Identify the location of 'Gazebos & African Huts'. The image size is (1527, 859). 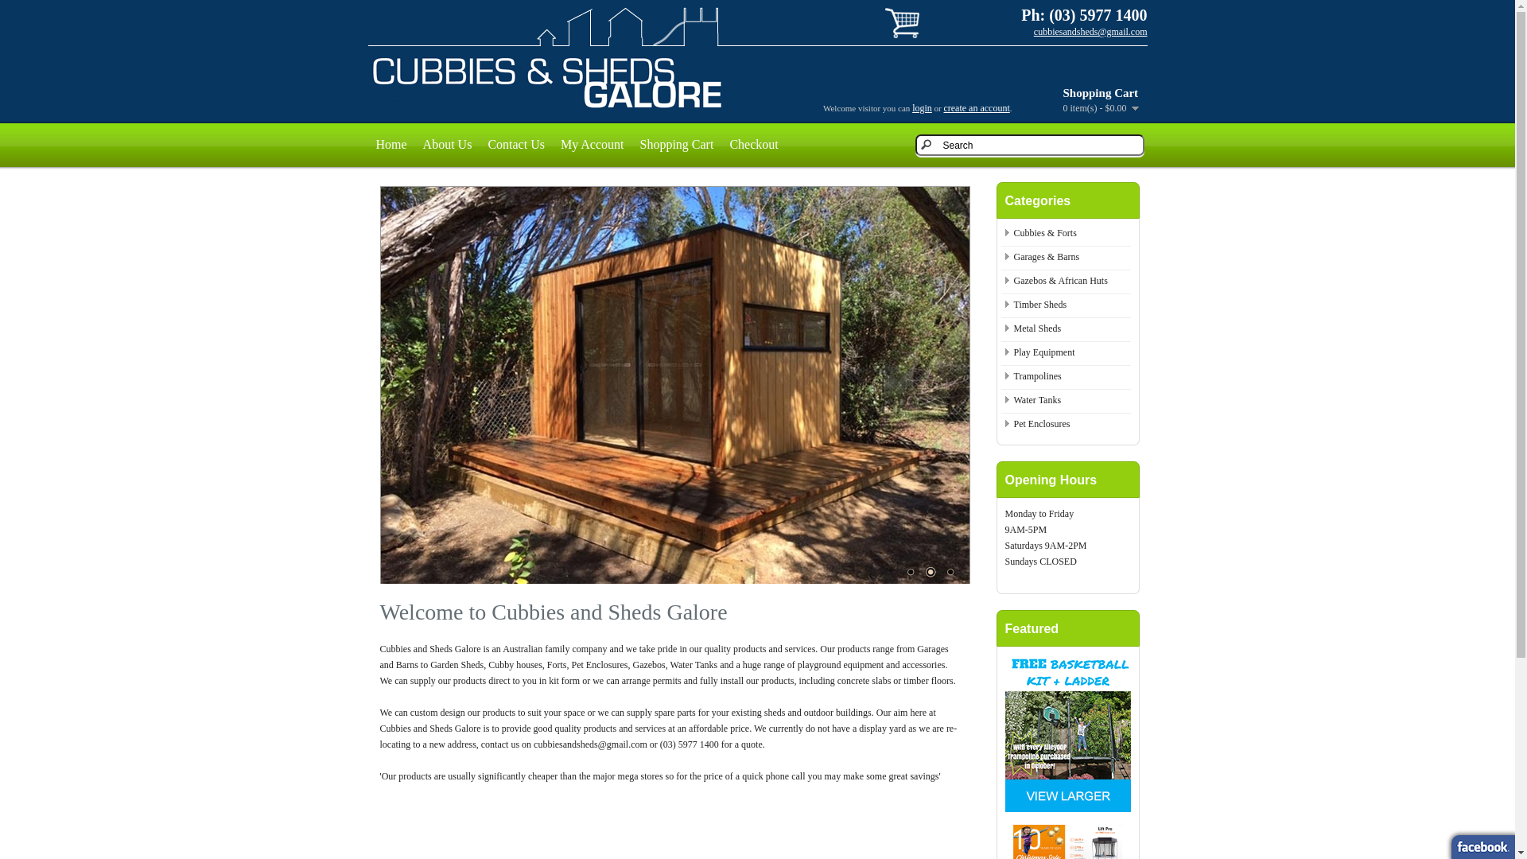
(1060, 280).